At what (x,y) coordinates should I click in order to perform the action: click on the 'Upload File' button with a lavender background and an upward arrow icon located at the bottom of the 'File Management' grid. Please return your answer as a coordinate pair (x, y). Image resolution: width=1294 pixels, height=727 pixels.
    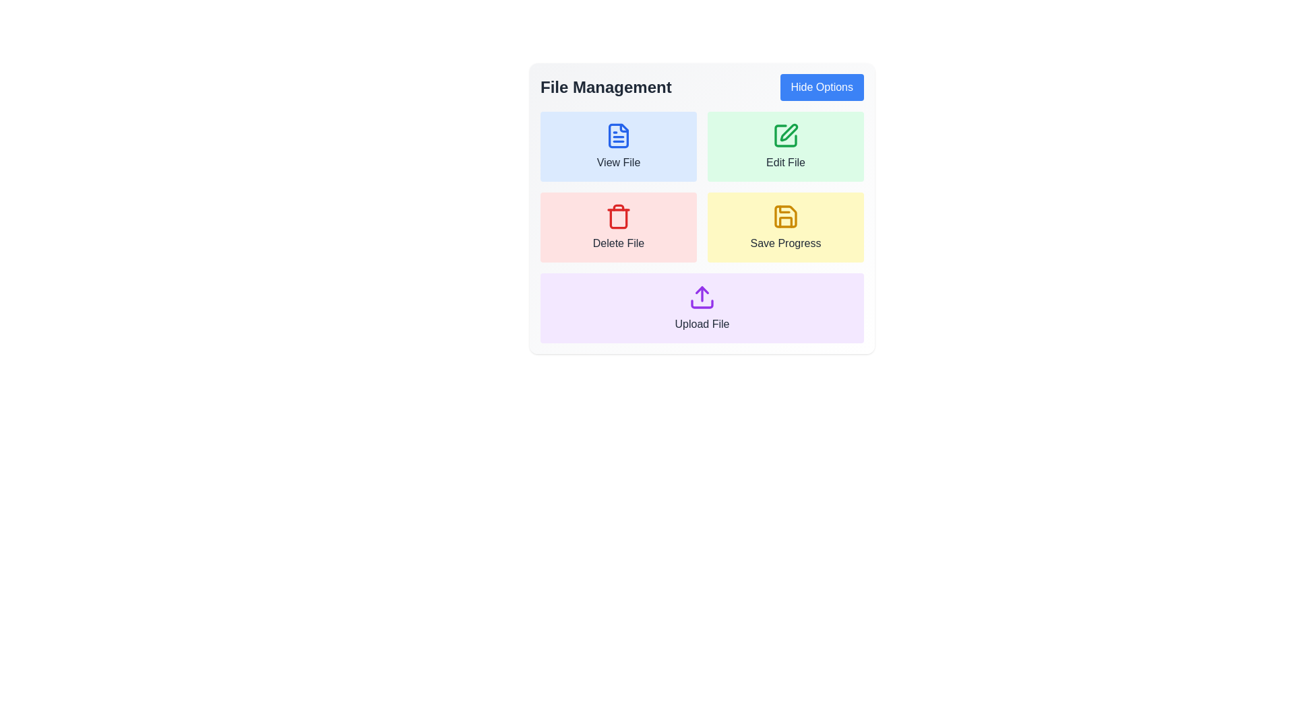
    Looking at the image, I should click on (701, 308).